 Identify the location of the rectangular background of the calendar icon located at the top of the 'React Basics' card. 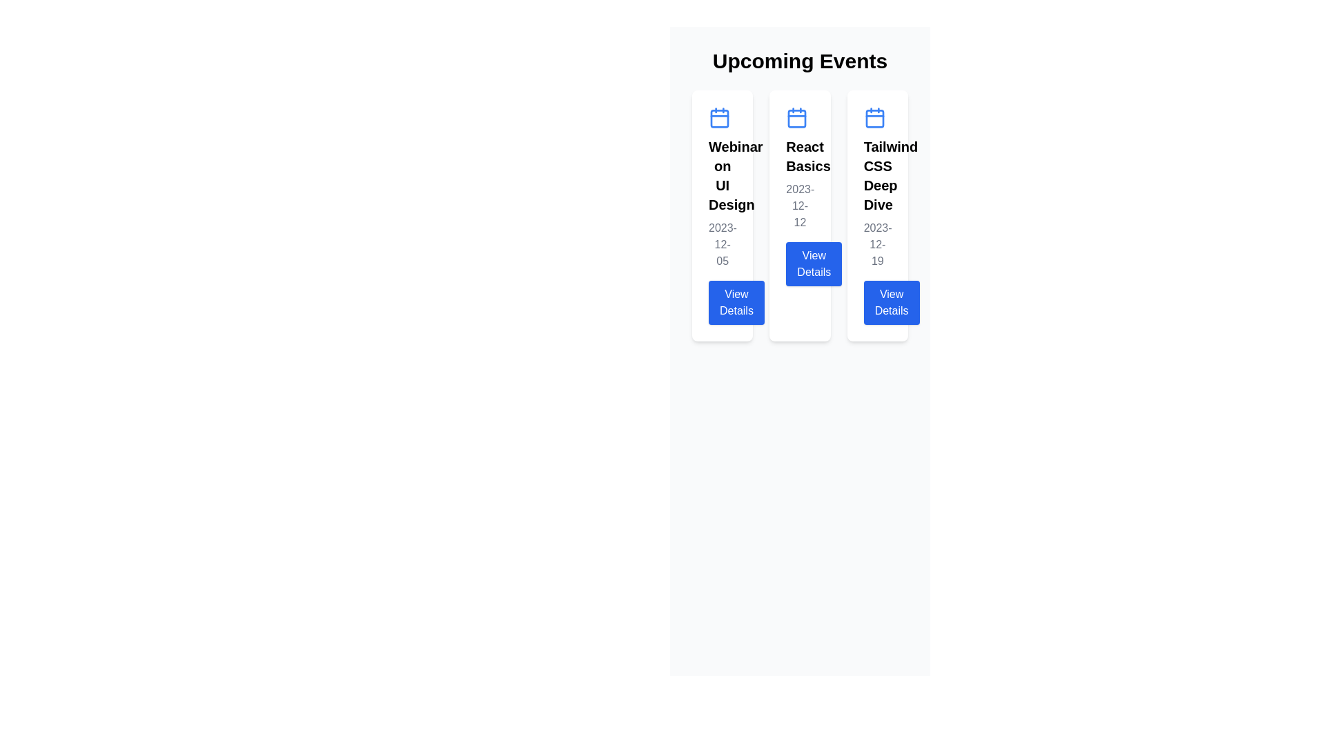
(797, 118).